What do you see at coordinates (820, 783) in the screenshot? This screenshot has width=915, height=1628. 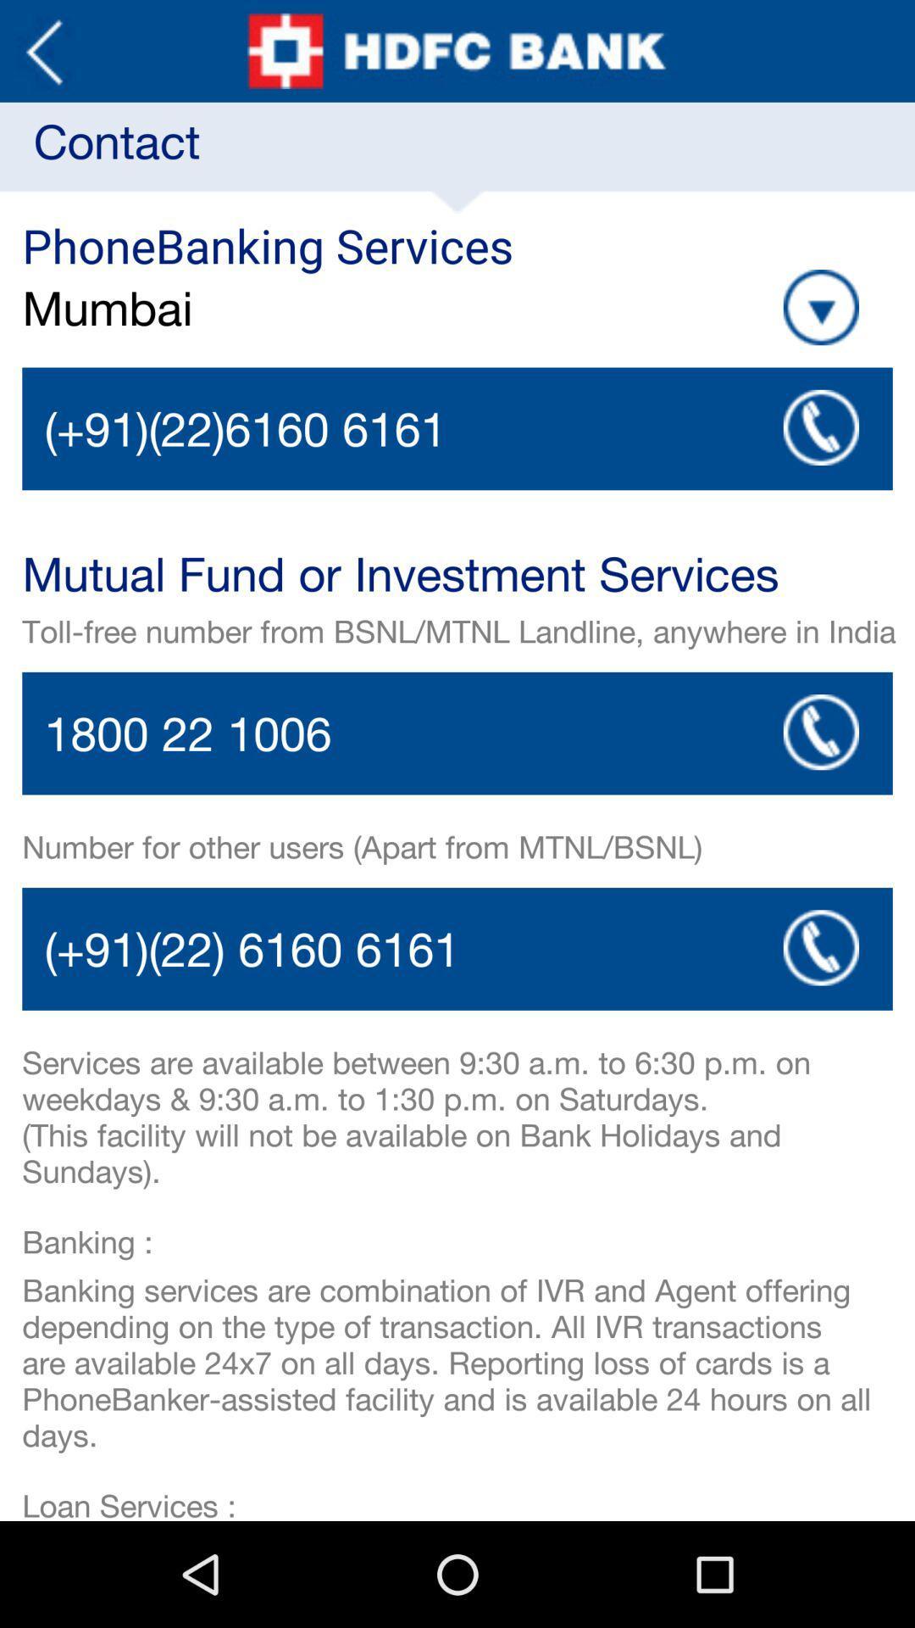 I see `the call icon` at bounding box center [820, 783].